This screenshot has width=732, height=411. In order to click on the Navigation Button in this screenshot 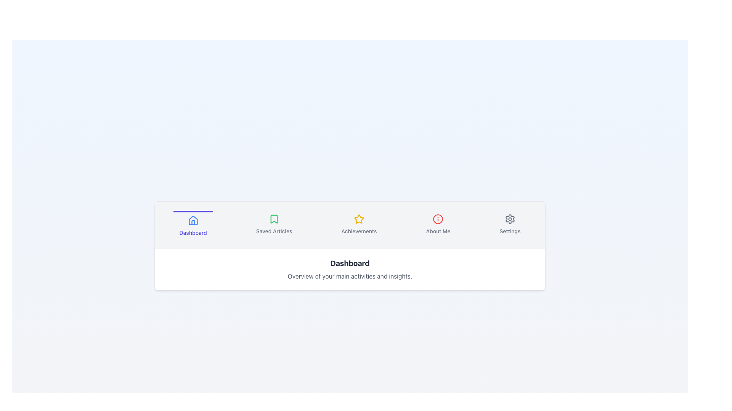, I will do `click(358, 225)`.